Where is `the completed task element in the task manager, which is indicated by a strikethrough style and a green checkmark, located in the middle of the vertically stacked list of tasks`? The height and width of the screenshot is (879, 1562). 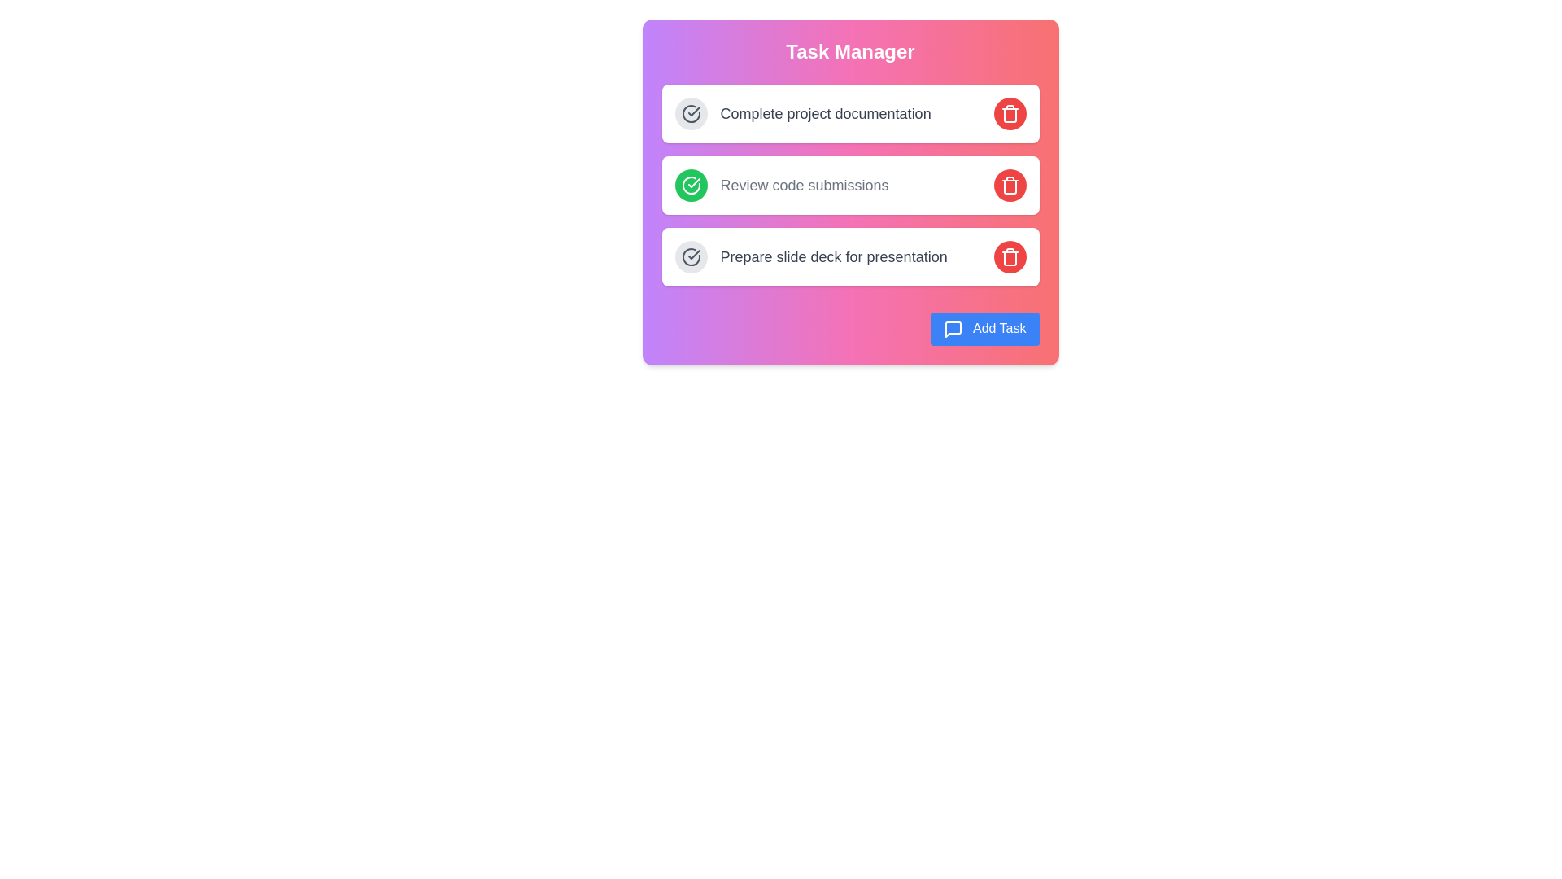 the completed task element in the task manager, which is indicated by a strikethrough style and a green checkmark, located in the middle of the vertically stacked list of tasks is located at coordinates (781, 184).